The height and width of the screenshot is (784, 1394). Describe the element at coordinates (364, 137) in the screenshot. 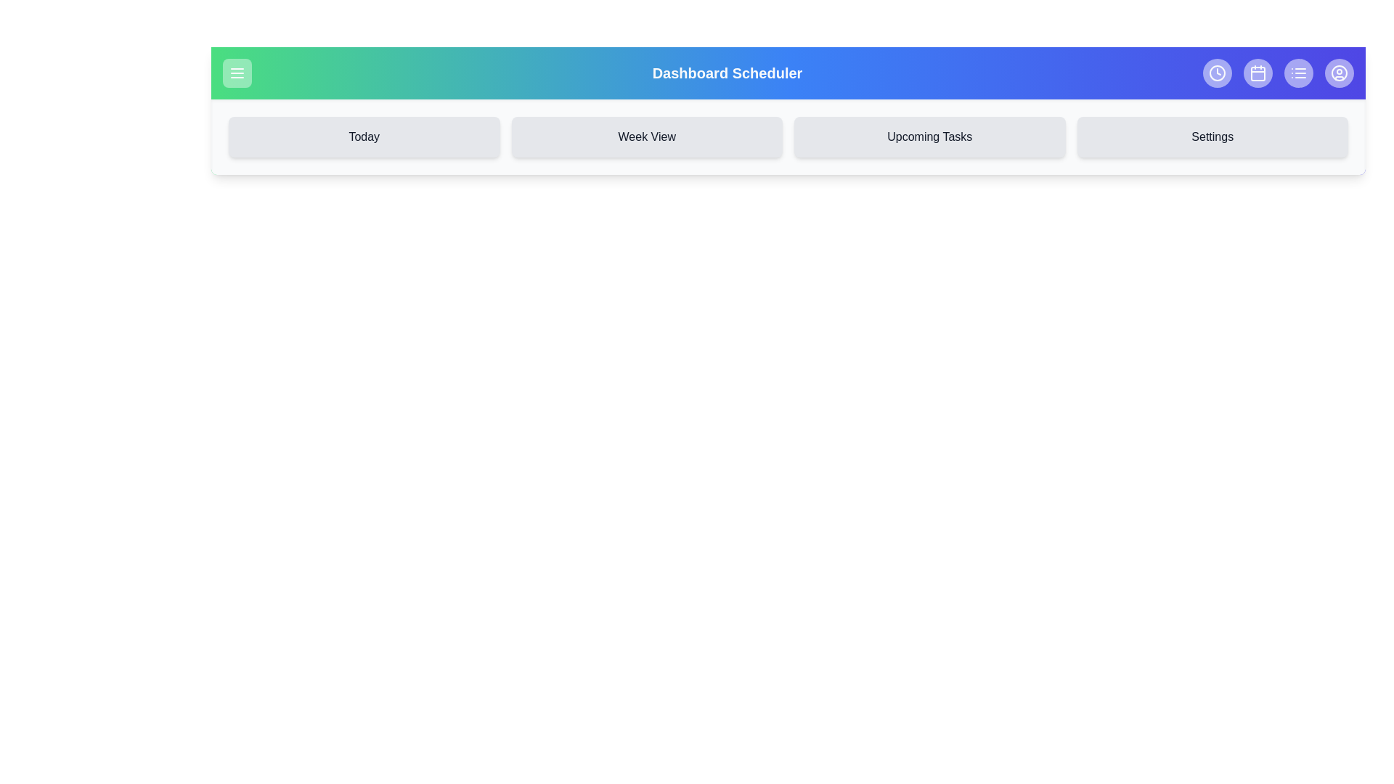

I see `the navigation button labeled Today` at that location.